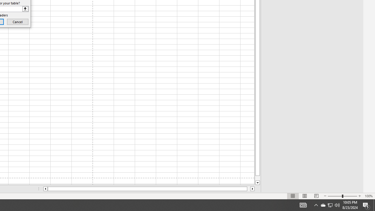  Describe the element at coordinates (149, 189) in the screenshot. I see `'Class: NetUIScrollBar'` at that location.